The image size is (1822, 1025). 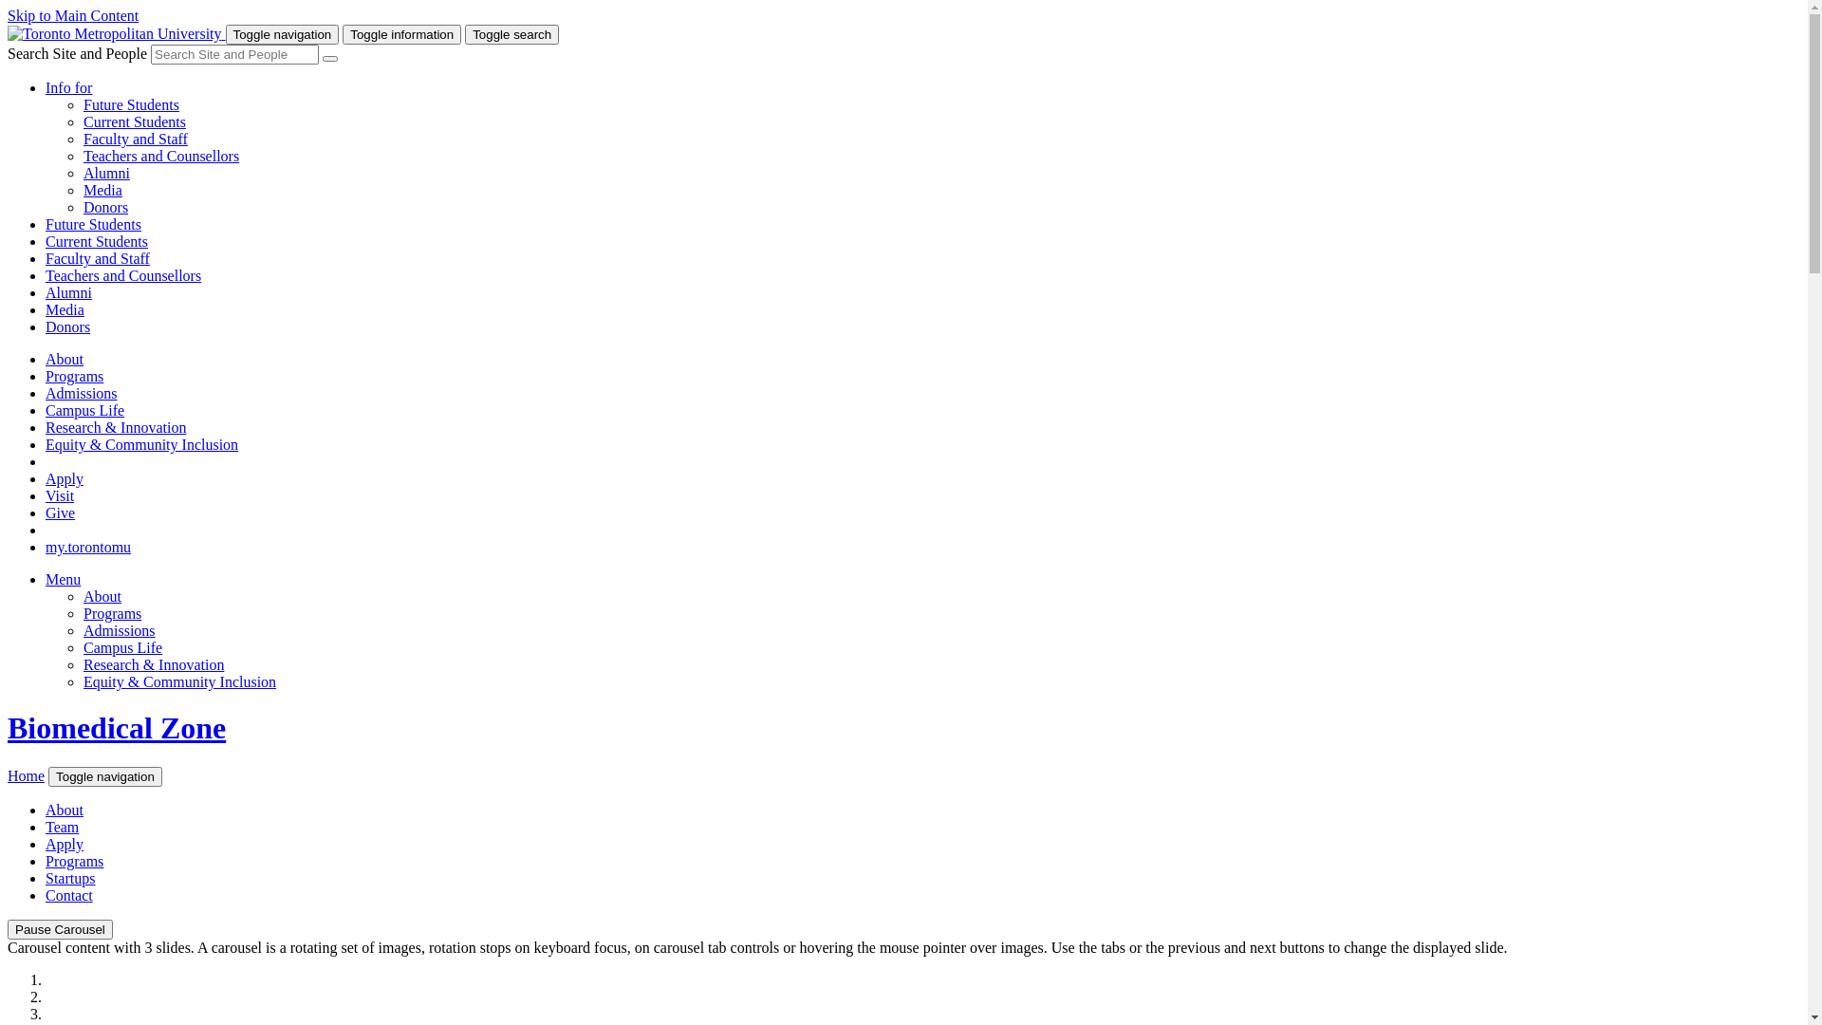 What do you see at coordinates (64, 843) in the screenshot?
I see `'Apply'` at bounding box center [64, 843].